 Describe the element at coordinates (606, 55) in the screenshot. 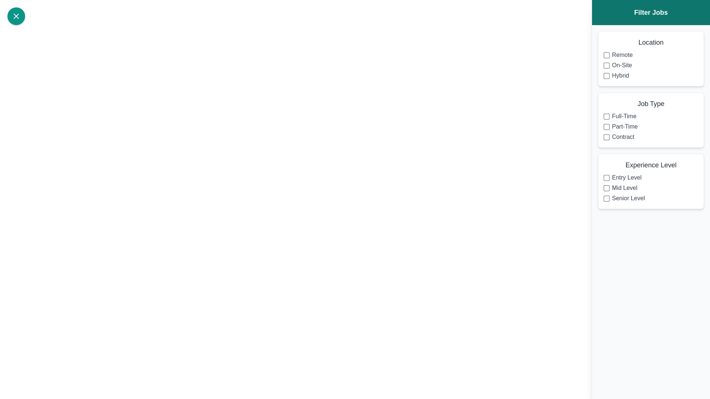

I see `the filter option Remote` at that location.